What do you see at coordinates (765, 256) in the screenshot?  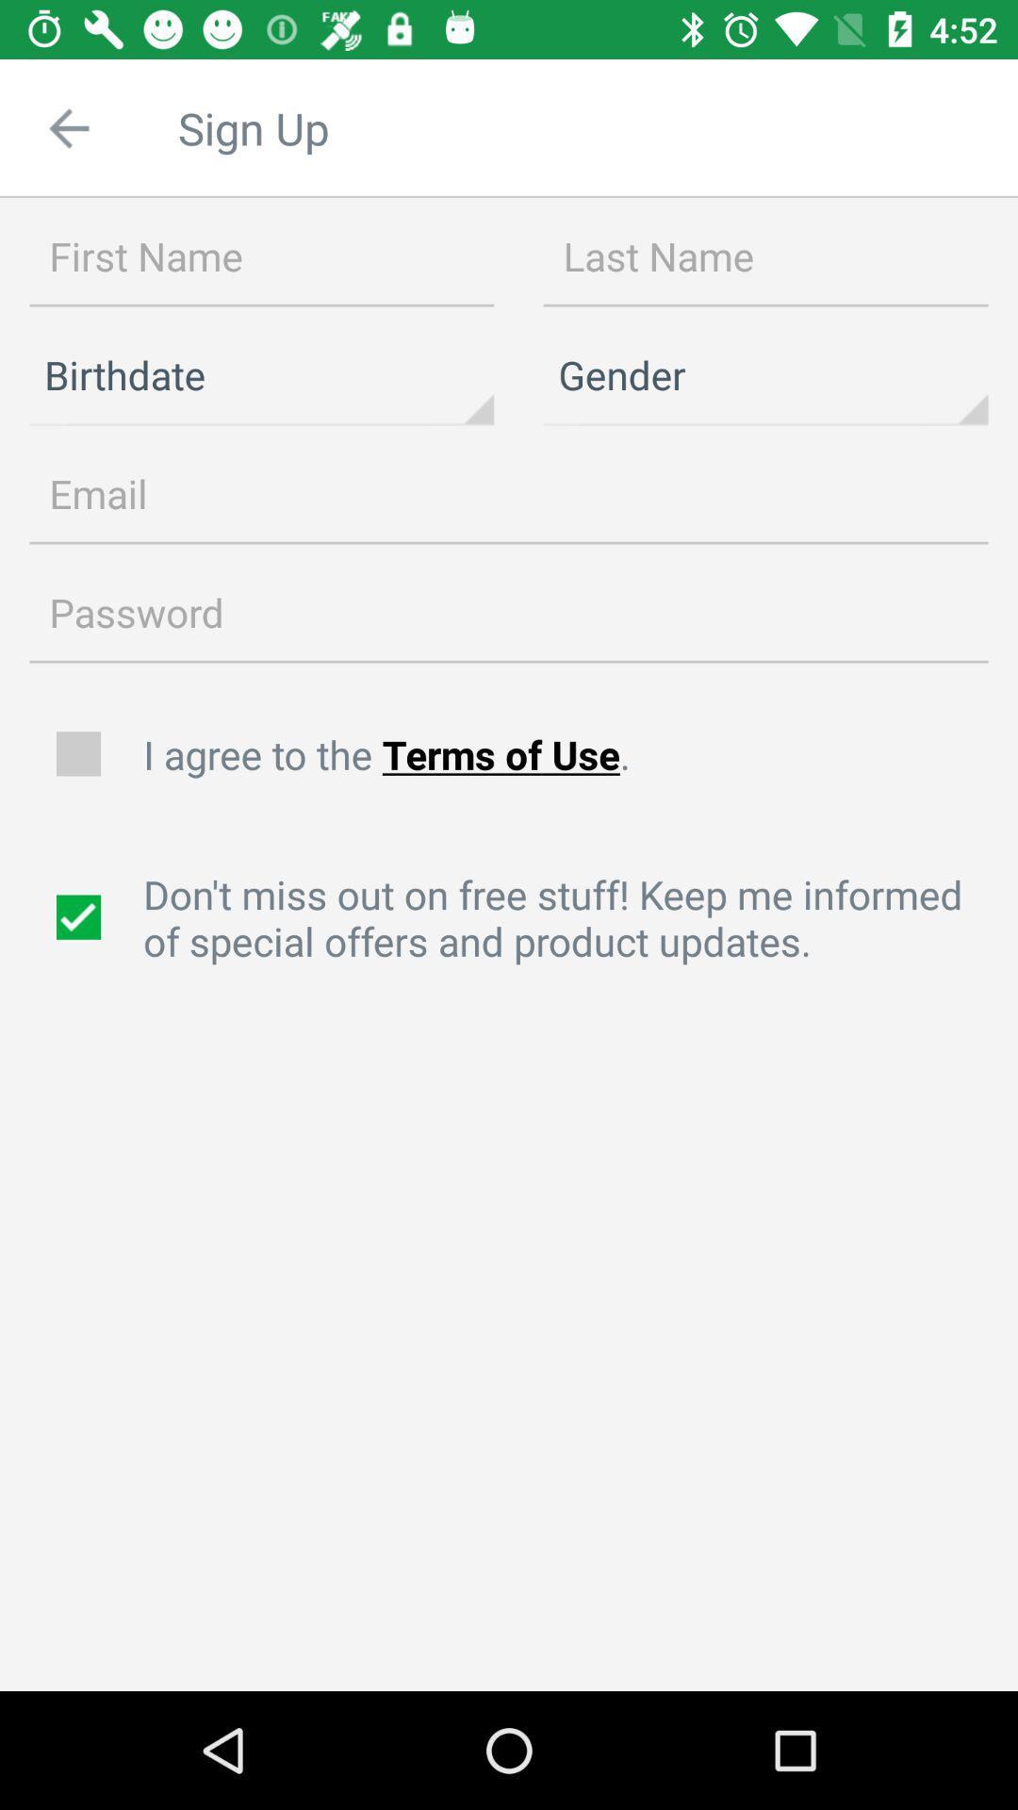 I see `last name` at bounding box center [765, 256].